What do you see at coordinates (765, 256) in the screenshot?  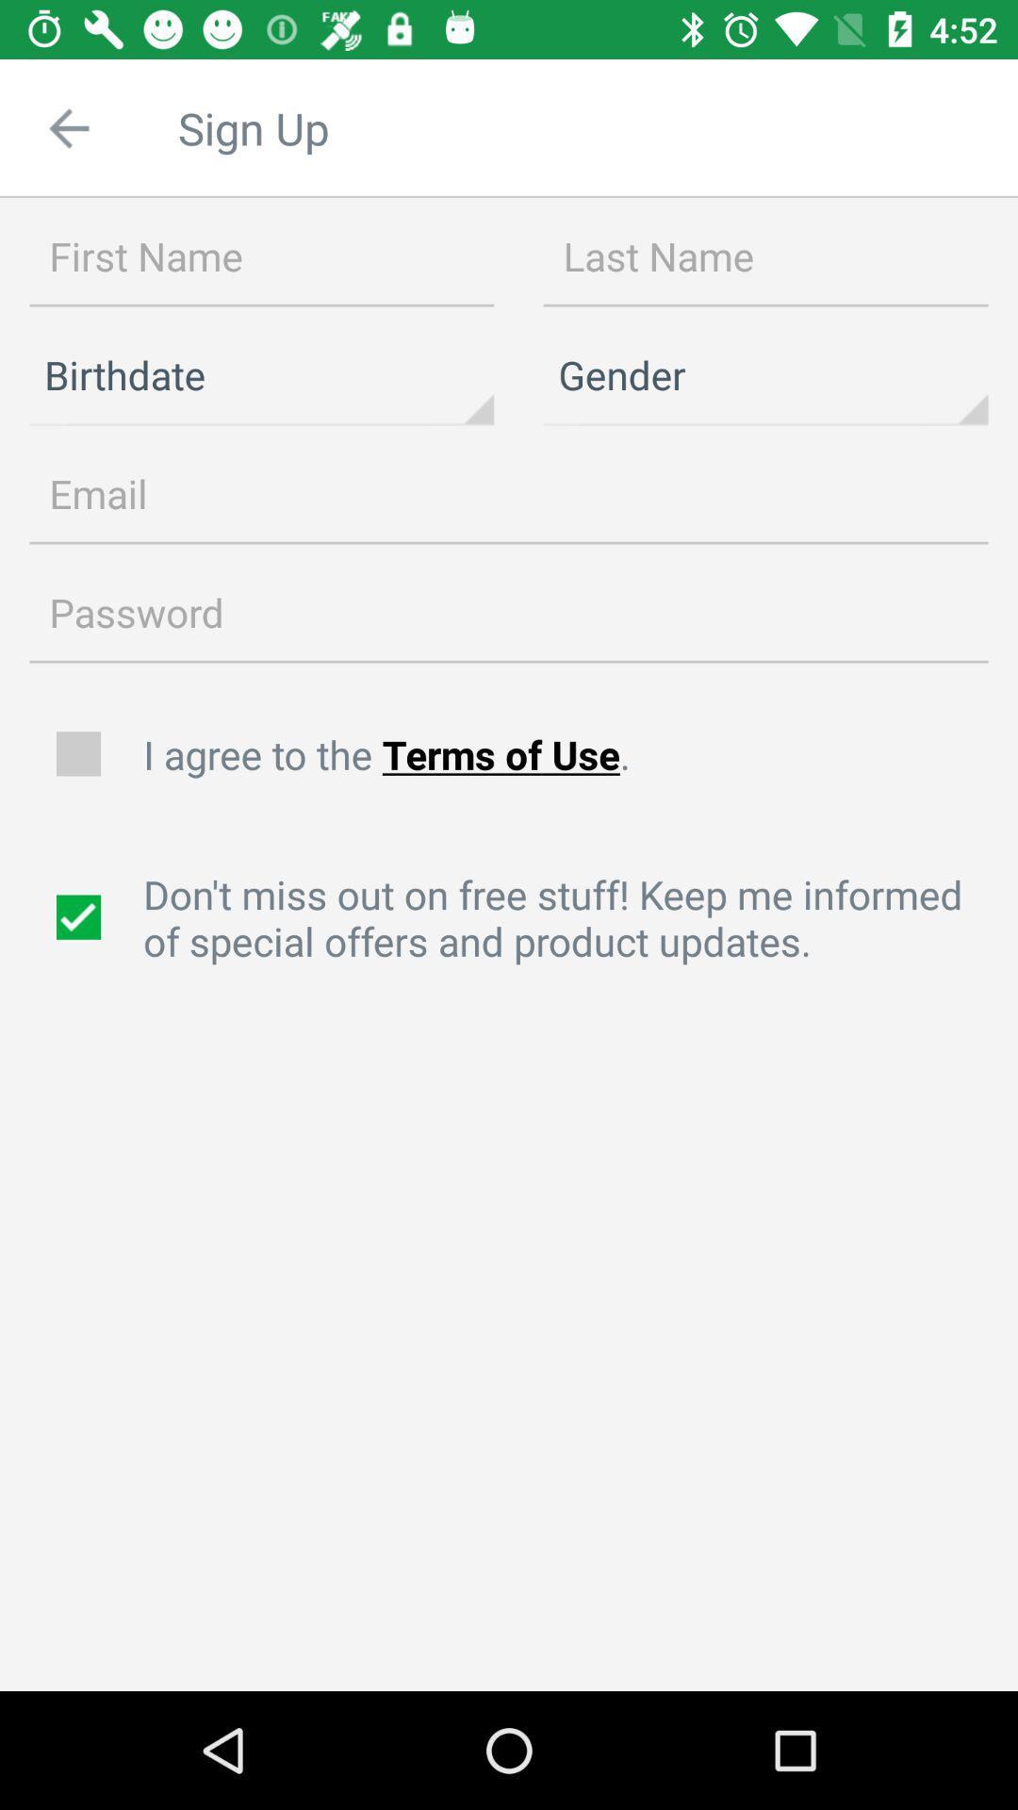 I see `last name` at bounding box center [765, 256].